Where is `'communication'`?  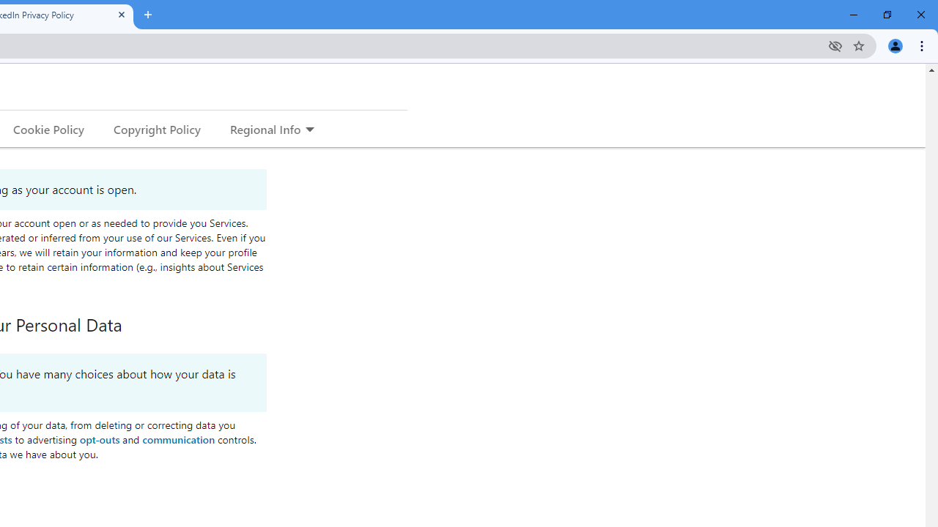
'communication' is located at coordinates (178, 438).